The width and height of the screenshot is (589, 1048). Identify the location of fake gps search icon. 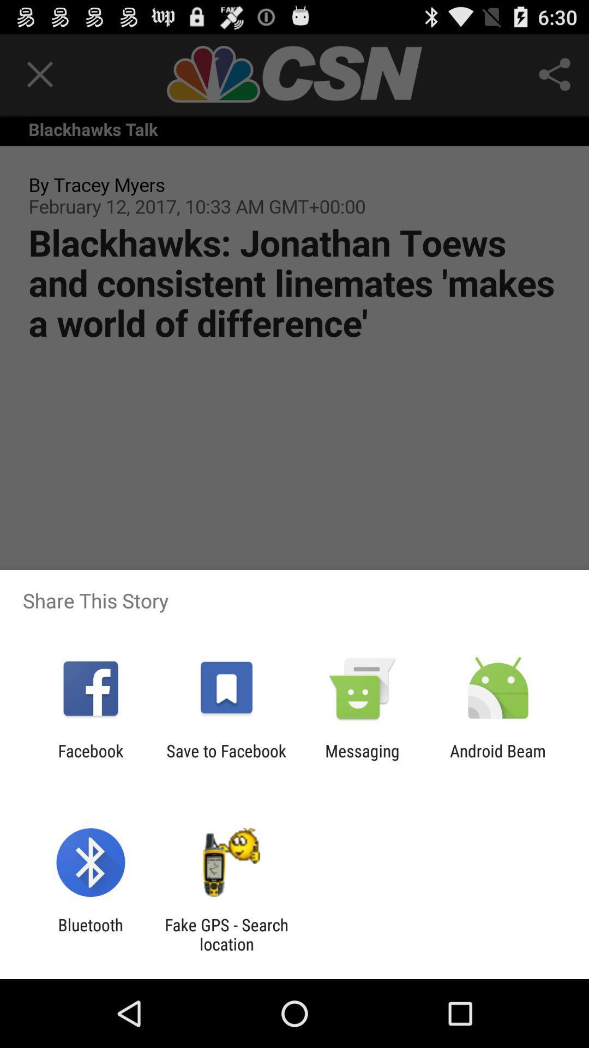
(226, 934).